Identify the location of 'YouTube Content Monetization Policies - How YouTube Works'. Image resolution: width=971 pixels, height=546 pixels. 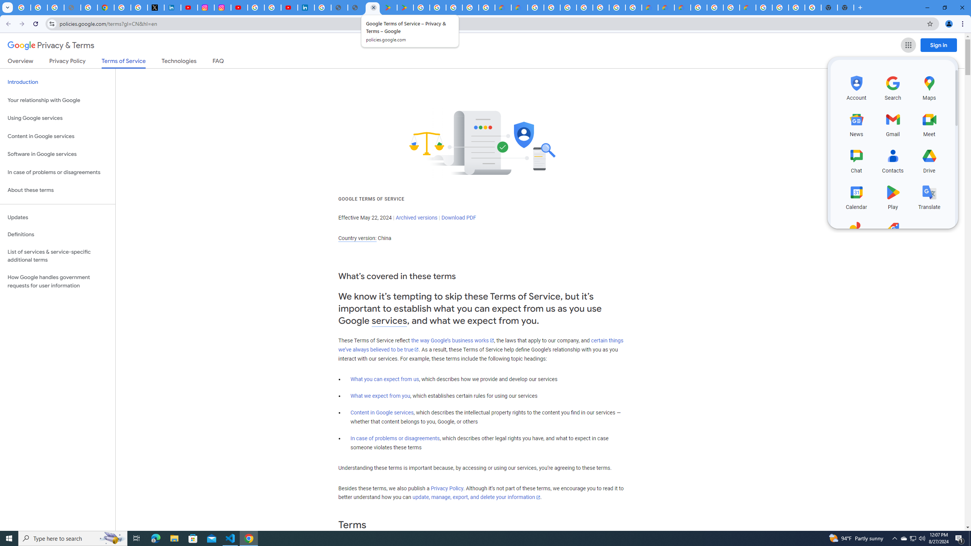
(189, 7).